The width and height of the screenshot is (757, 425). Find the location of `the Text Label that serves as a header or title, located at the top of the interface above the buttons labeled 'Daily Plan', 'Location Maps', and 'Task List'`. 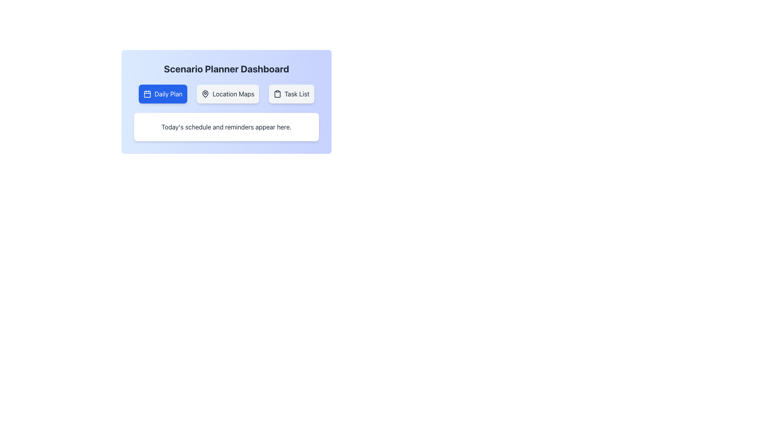

the Text Label that serves as a header or title, located at the top of the interface above the buttons labeled 'Daily Plan', 'Location Maps', and 'Task List' is located at coordinates (226, 68).